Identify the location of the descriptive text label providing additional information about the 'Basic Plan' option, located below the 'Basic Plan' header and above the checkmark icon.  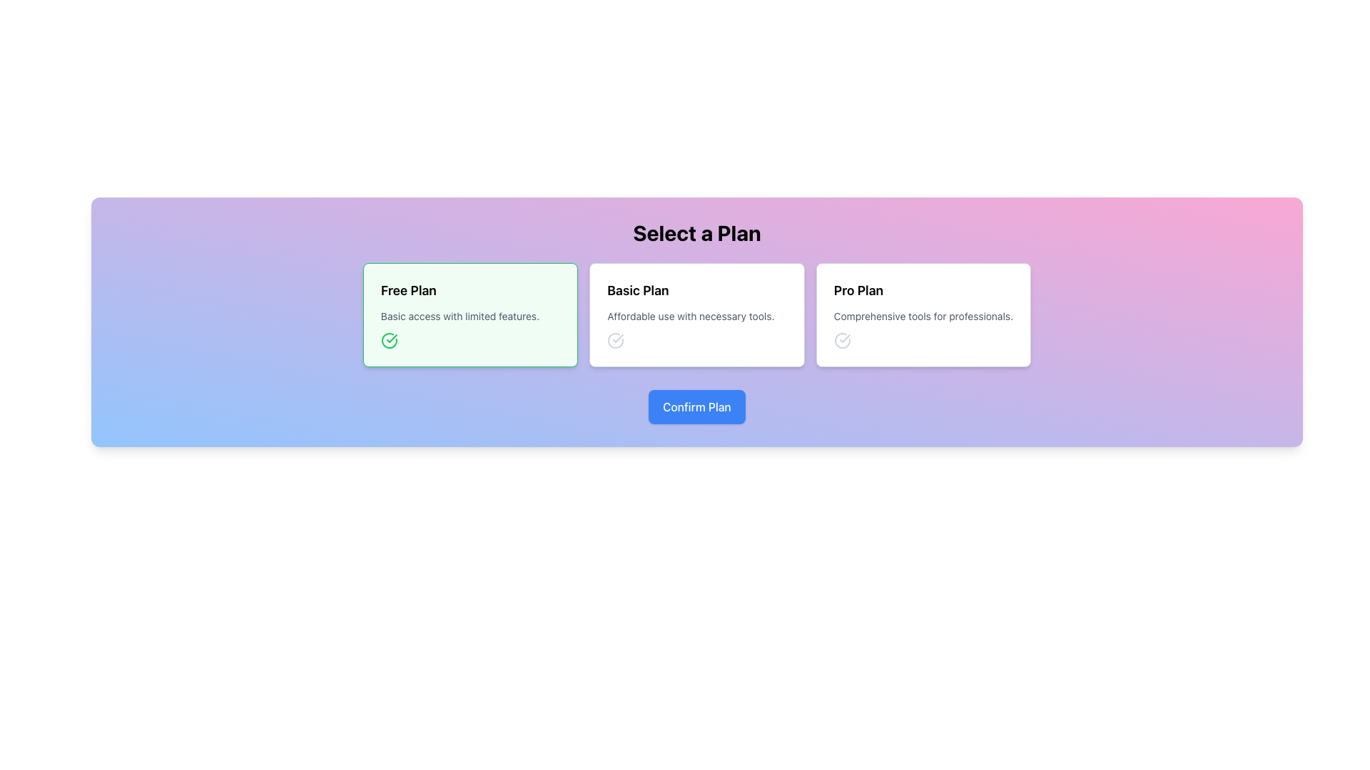
(691, 315).